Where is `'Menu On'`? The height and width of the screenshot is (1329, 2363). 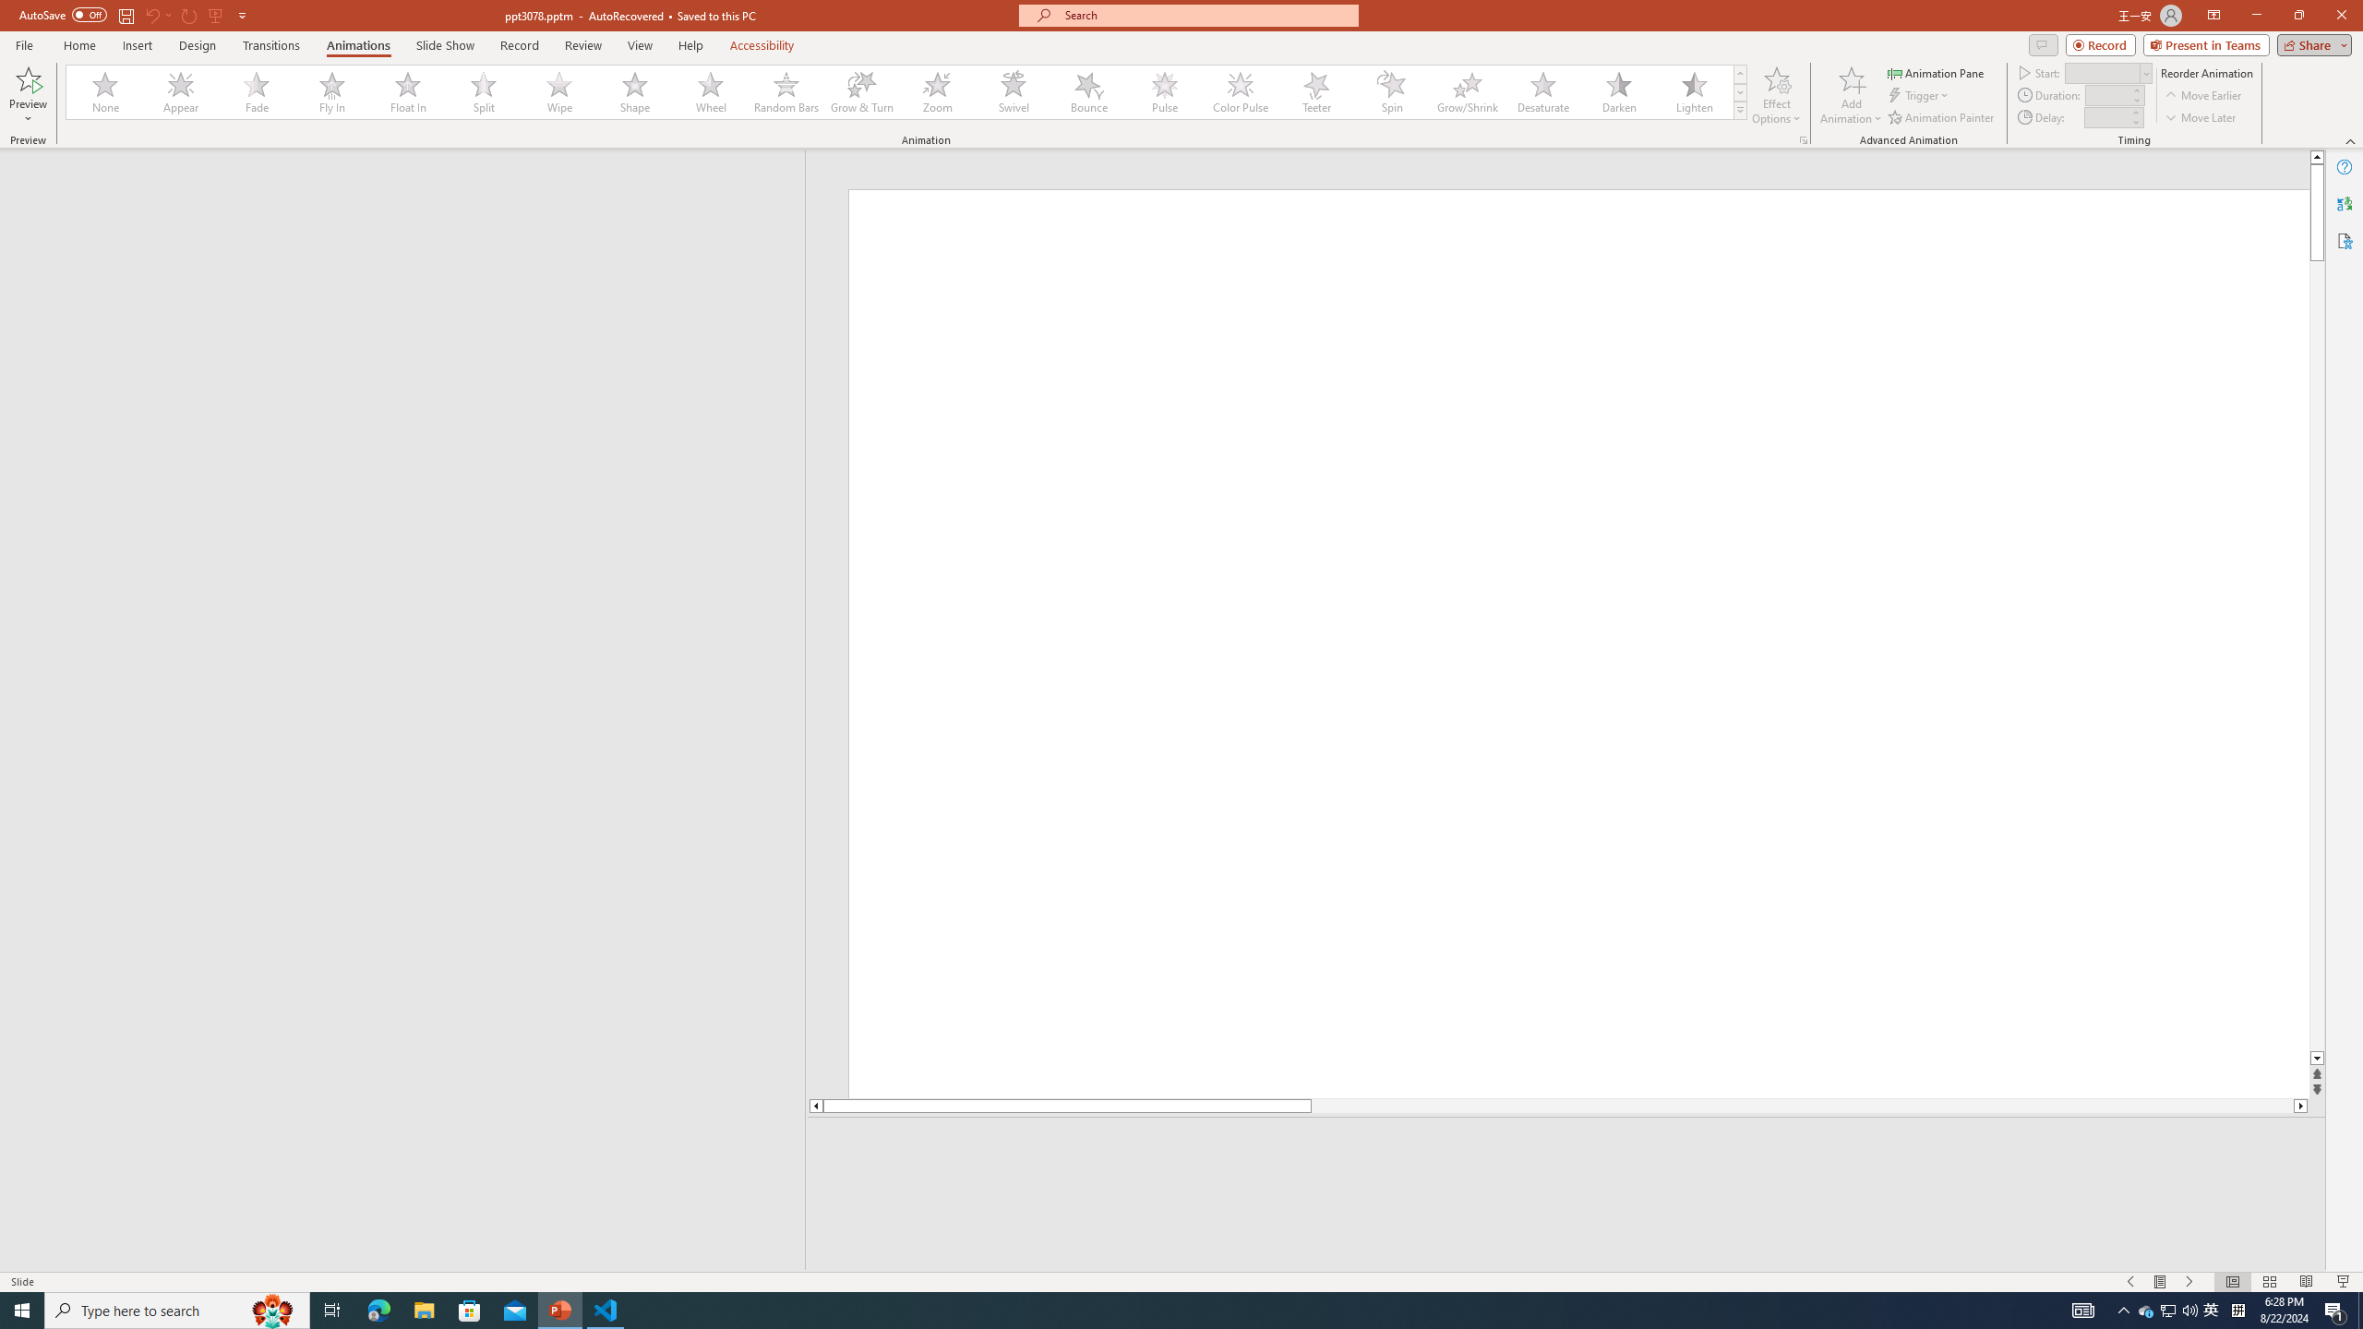 'Menu On' is located at coordinates (2160, 1282).